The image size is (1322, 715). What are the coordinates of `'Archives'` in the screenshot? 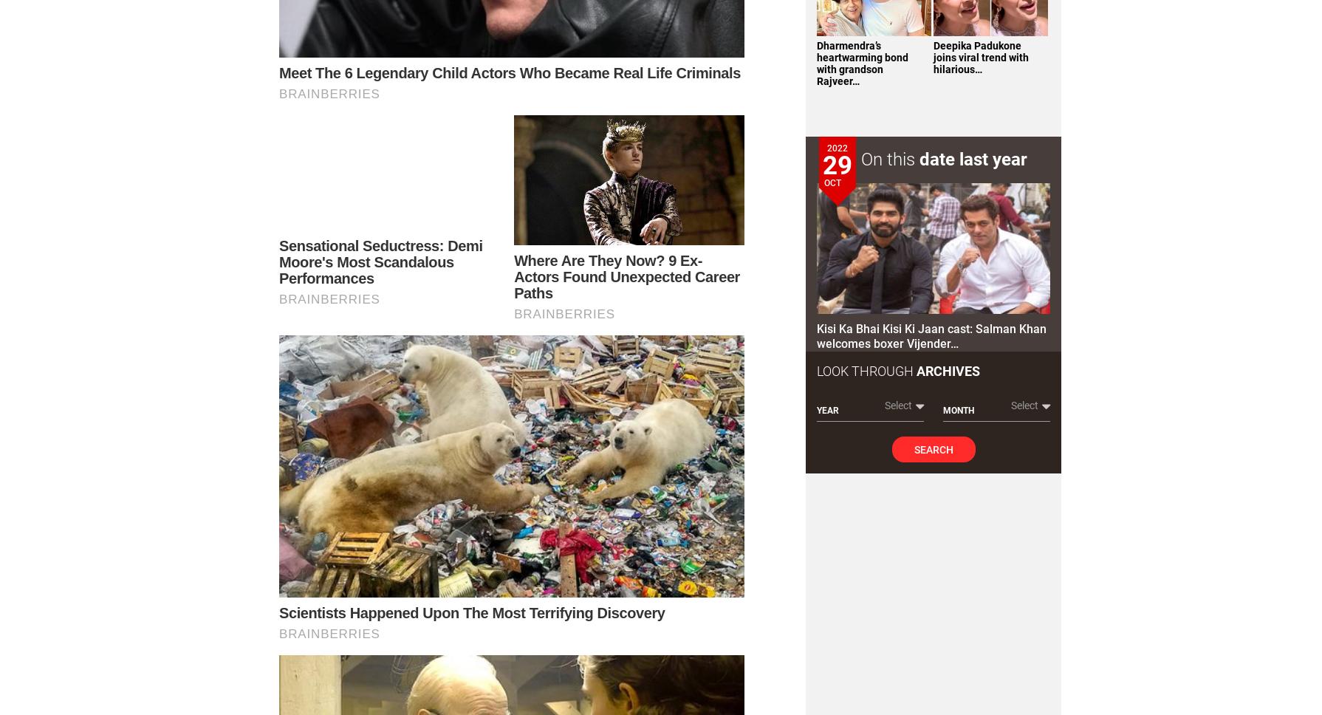 It's located at (948, 370).